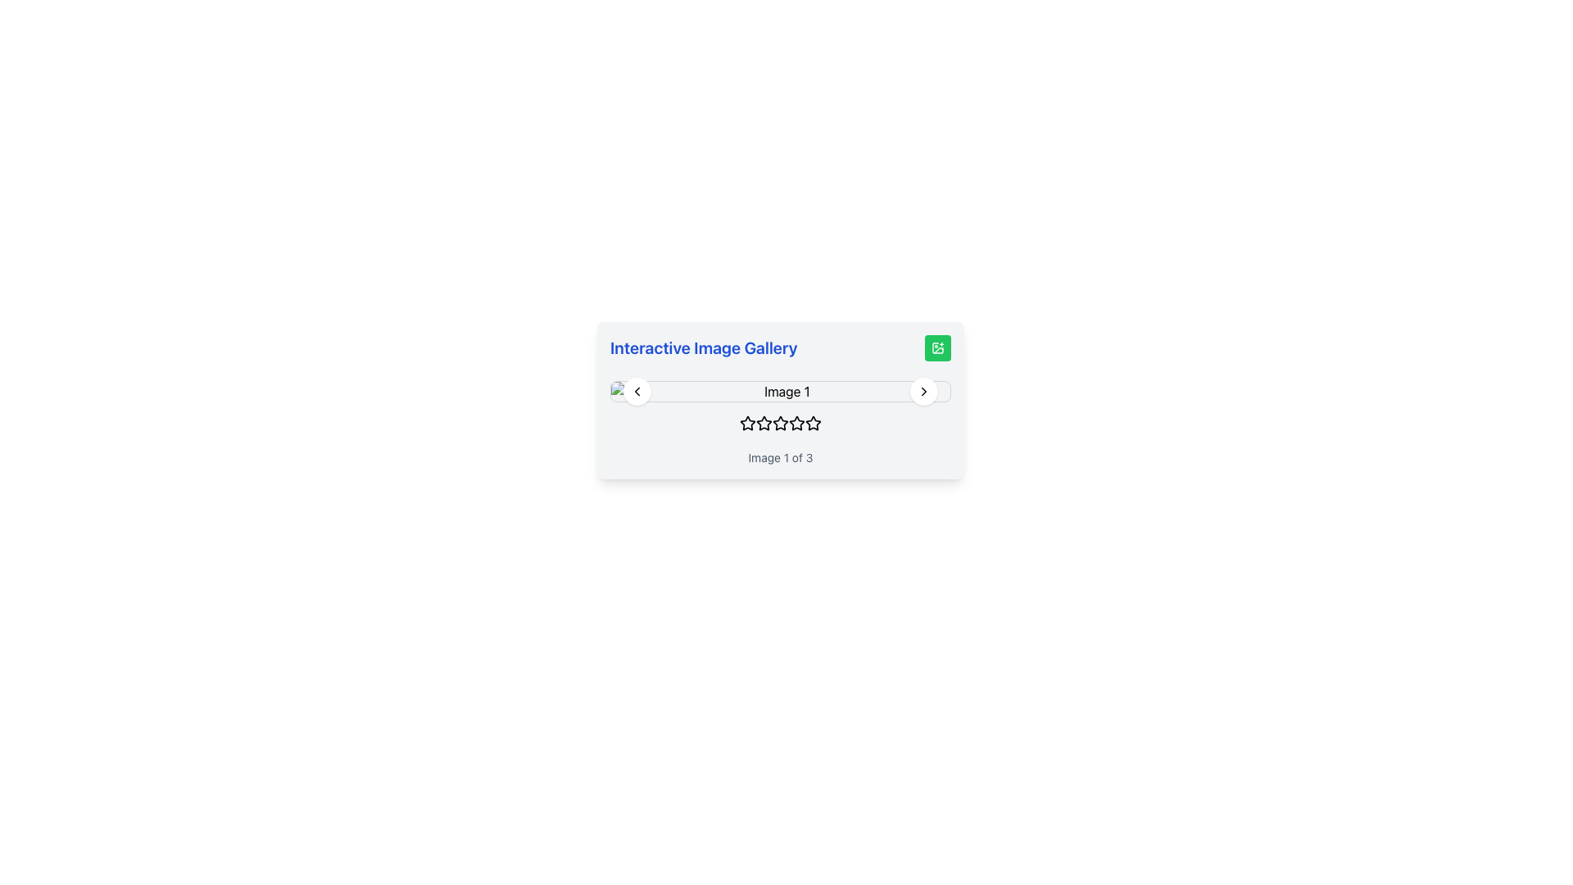  What do you see at coordinates (636, 392) in the screenshot?
I see `the navigation button located at the left edge of the horizontal layout, adjacent to the title 'Image 1'` at bounding box center [636, 392].